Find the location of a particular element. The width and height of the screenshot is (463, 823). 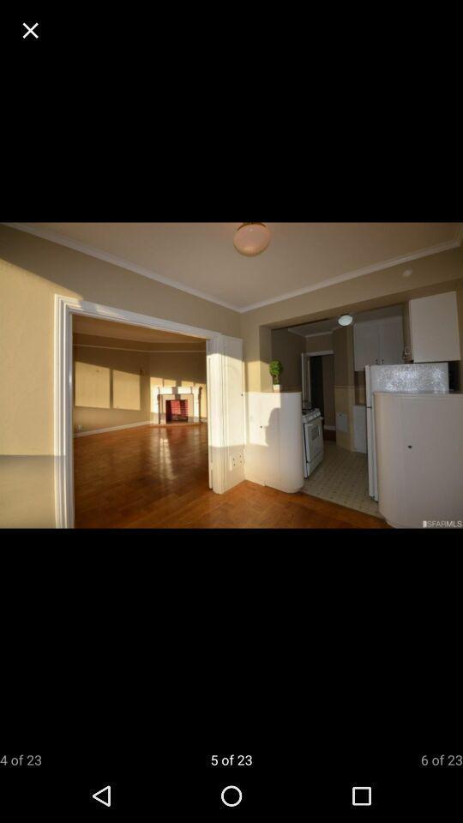

icon at the top left corner is located at coordinates (30, 29).